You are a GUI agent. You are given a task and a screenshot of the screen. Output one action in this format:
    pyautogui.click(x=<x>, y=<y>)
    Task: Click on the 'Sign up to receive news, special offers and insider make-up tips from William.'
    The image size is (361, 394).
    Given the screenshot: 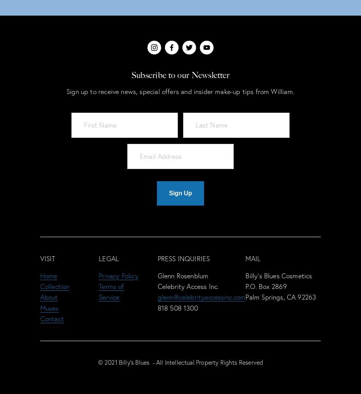 What is the action you would take?
    pyautogui.click(x=180, y=91)
    